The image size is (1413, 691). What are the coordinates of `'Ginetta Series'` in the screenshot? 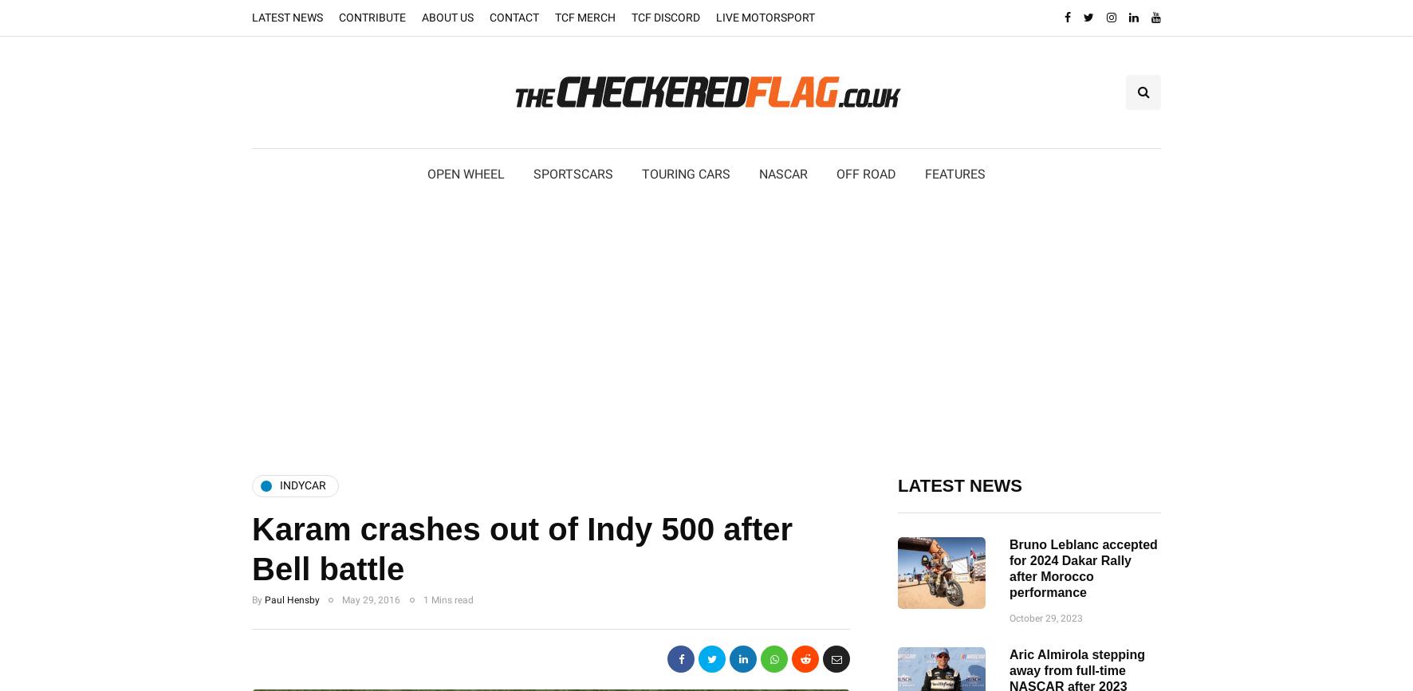 It's located at (534, 279).